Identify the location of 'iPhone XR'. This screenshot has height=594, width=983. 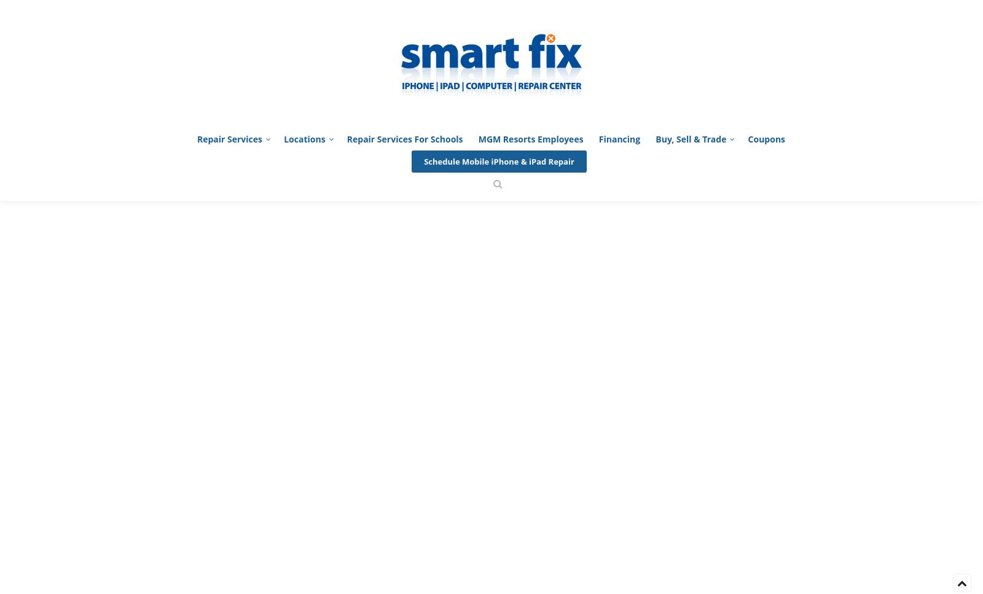
(619, 499).